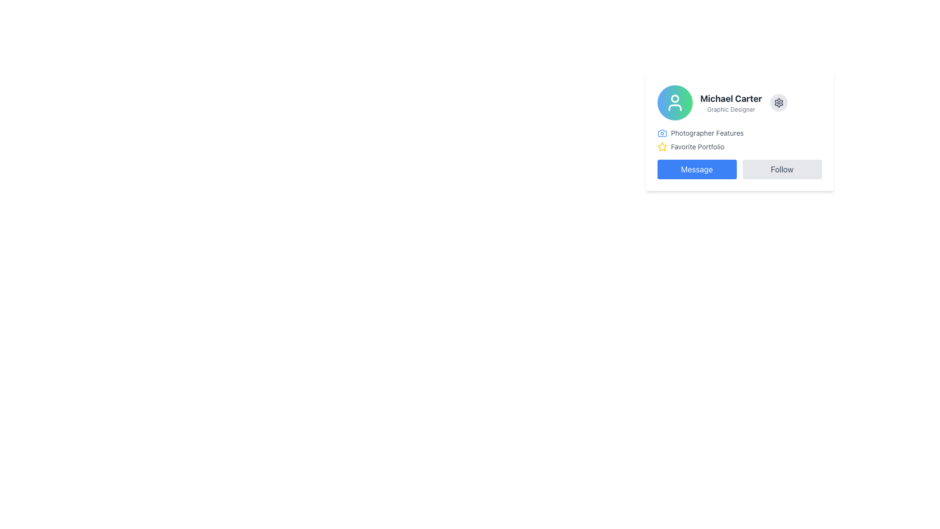 The height and width of the screenshot is (529, 940). Describe the element at coordinates (731, 109) in the screenshot. I see `the text label displaying 'Graphic Designer', which is styled in gray and located beneath 'Michael Carter' in the upper-right side of the interface` at that location.